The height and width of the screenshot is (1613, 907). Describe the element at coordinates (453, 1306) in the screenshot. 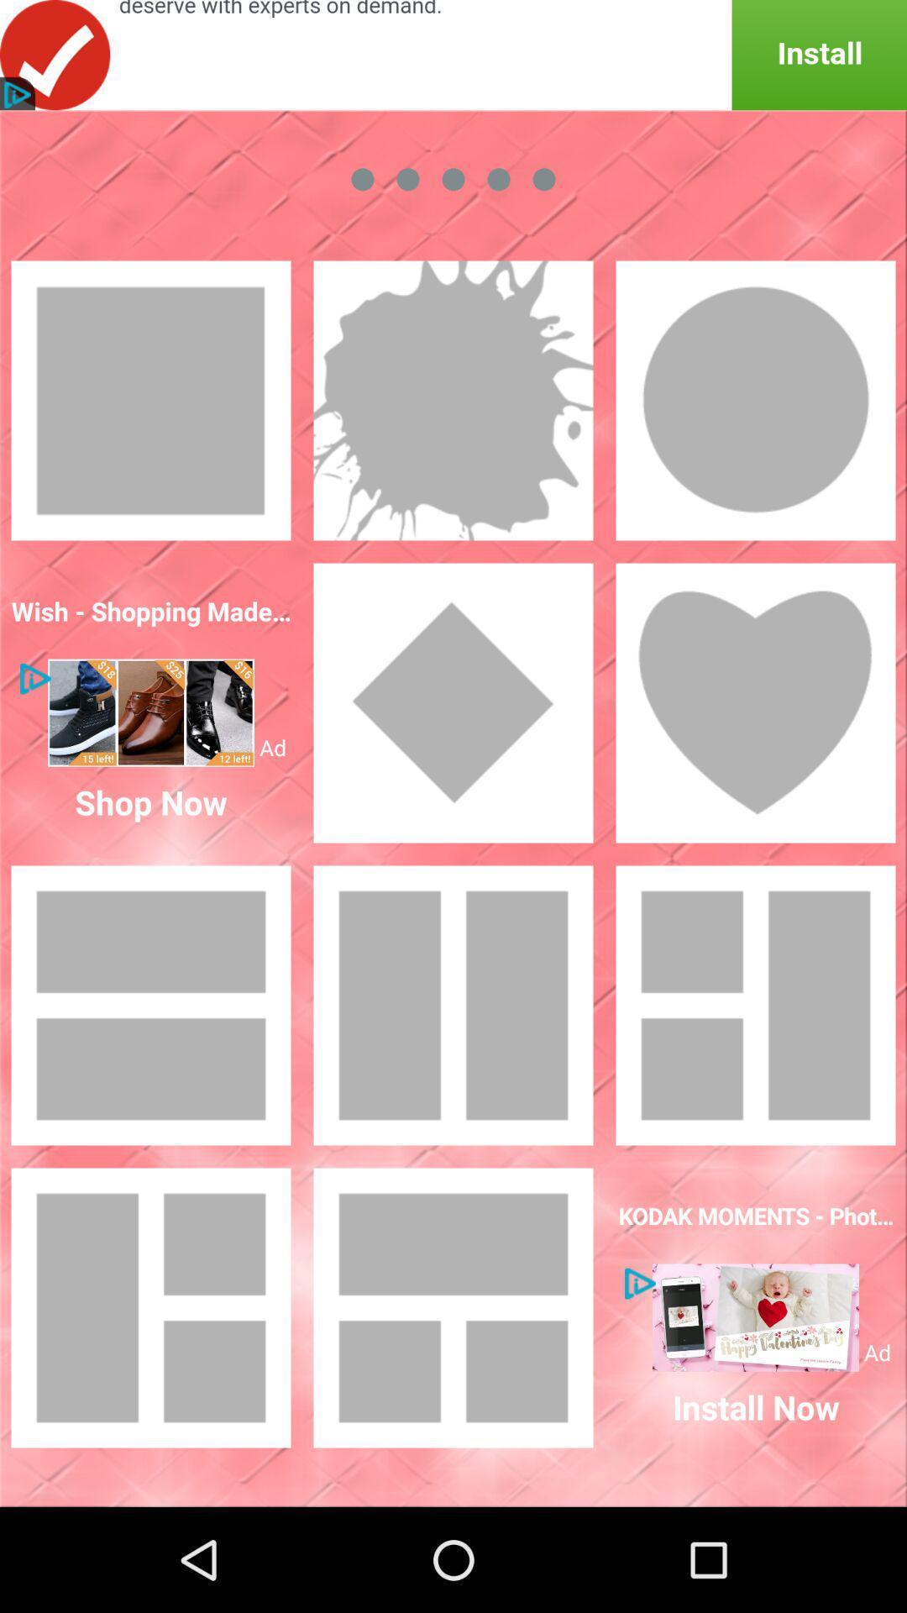

I see `photo adding icon` at that location.